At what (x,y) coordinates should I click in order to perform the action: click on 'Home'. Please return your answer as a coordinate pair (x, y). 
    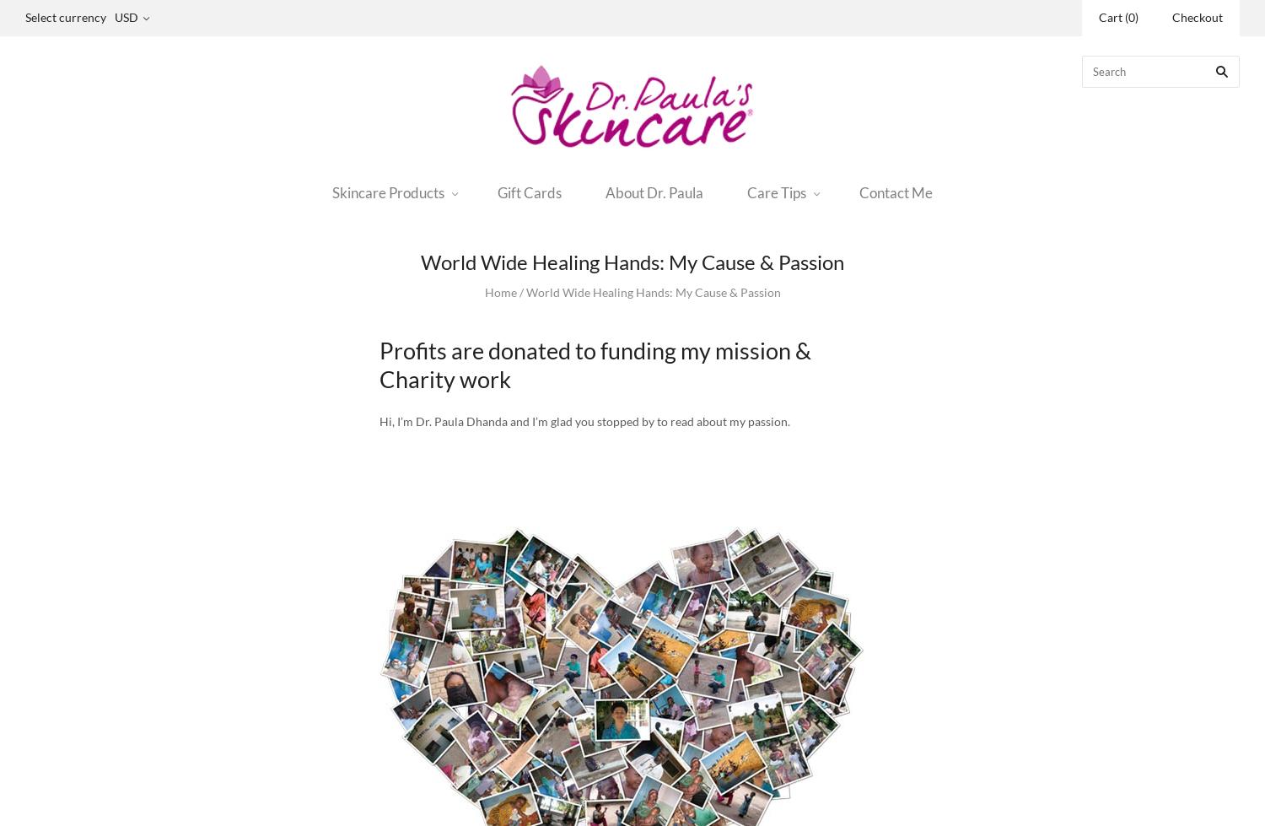
    Looking at the image, I should click on (498, 292).